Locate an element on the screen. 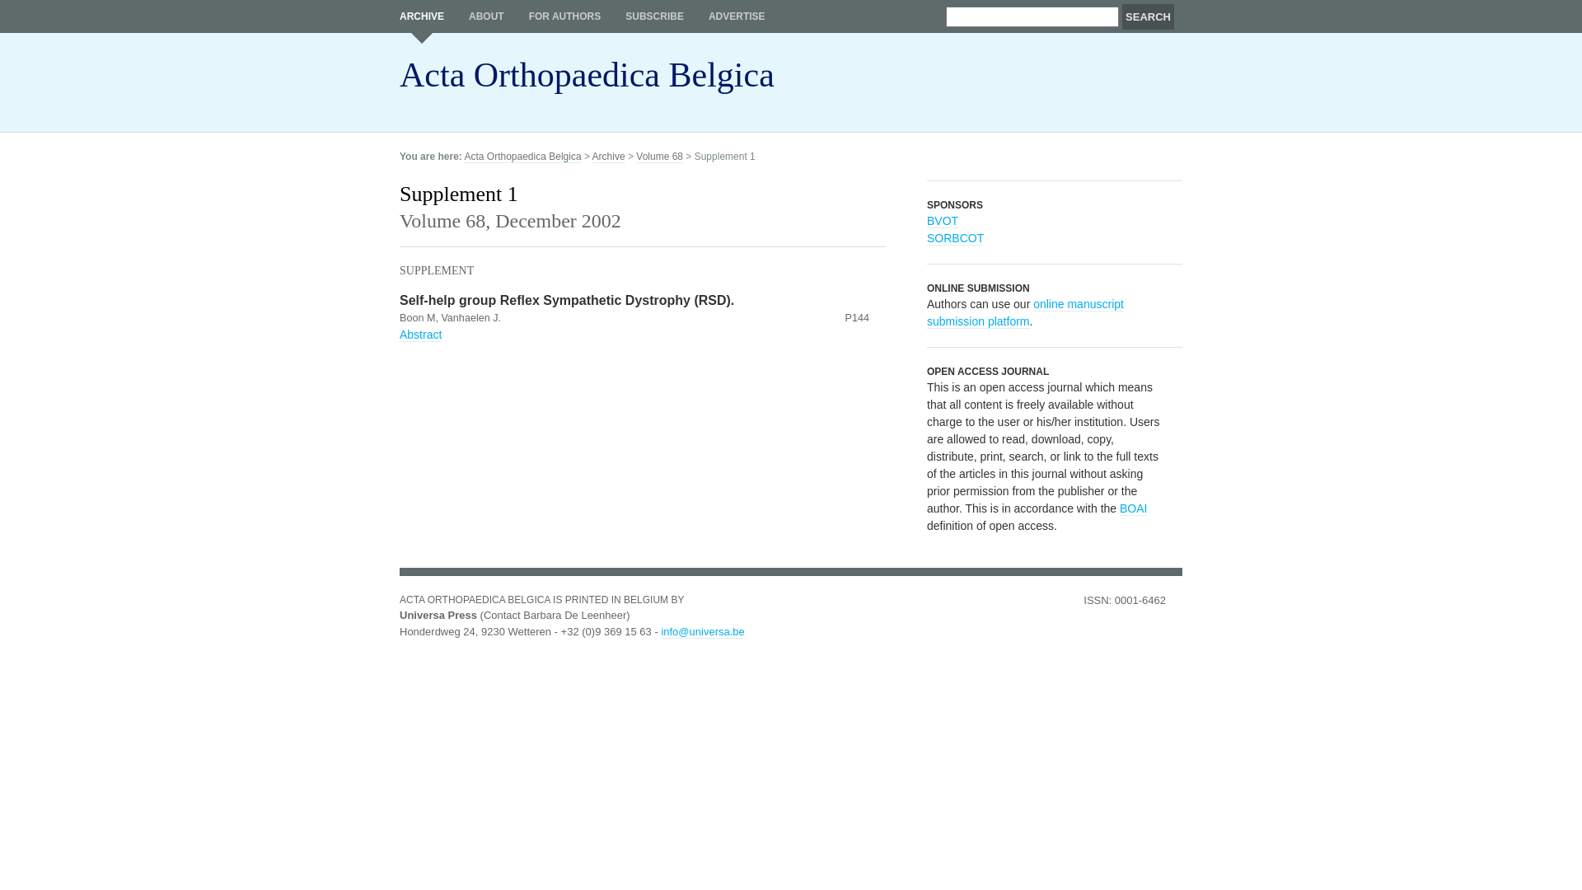  'BVOT' is located at coordinates (942, 220).